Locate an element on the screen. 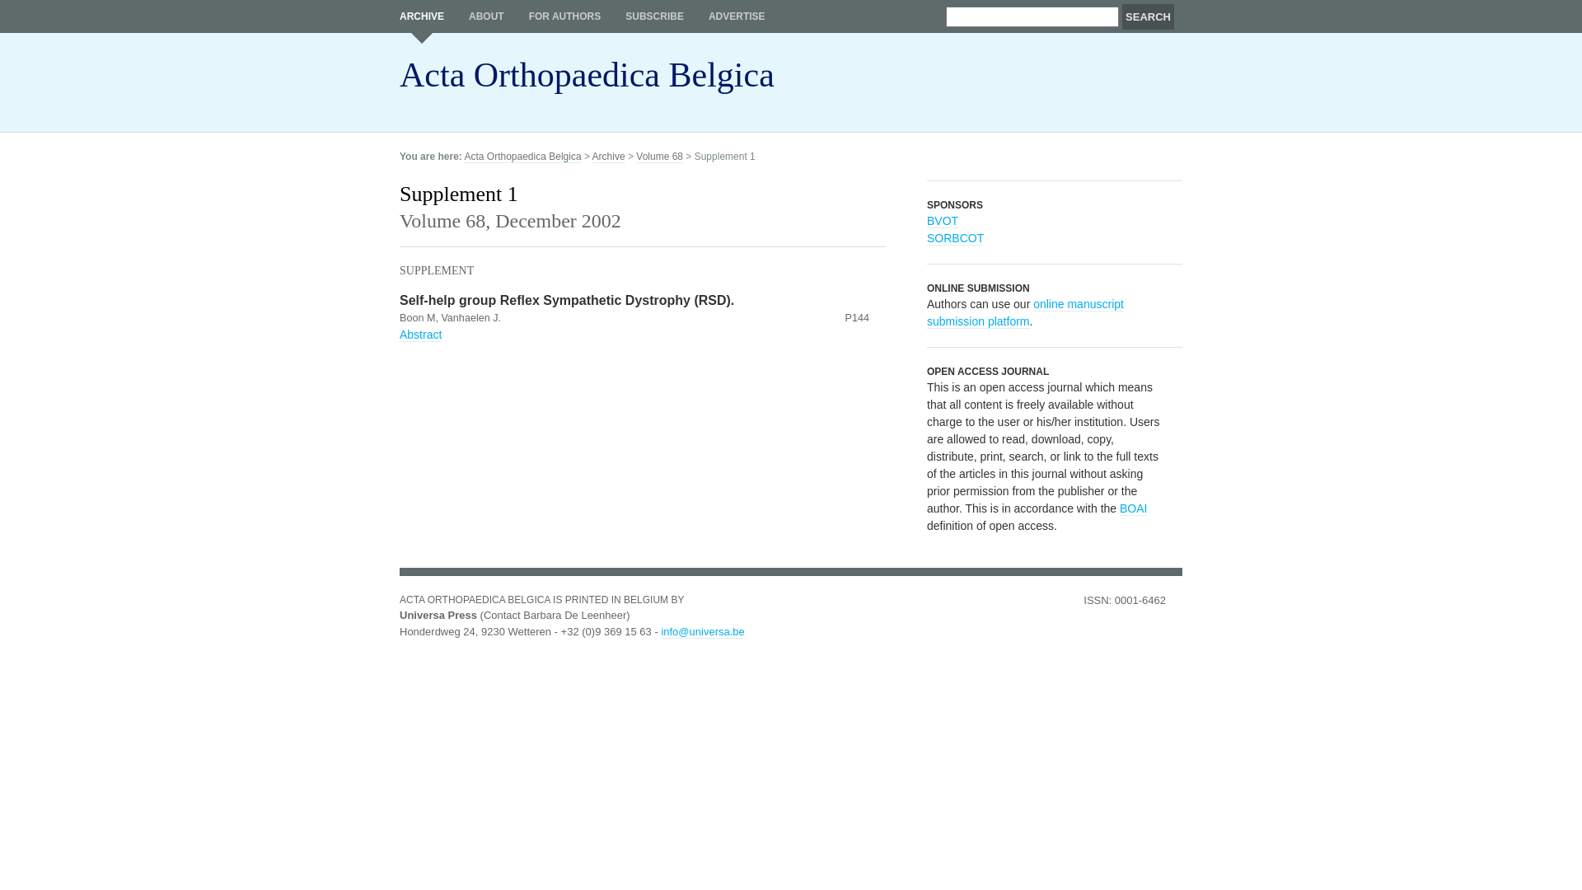  'BVOT' is located at coordinates (942, 220).